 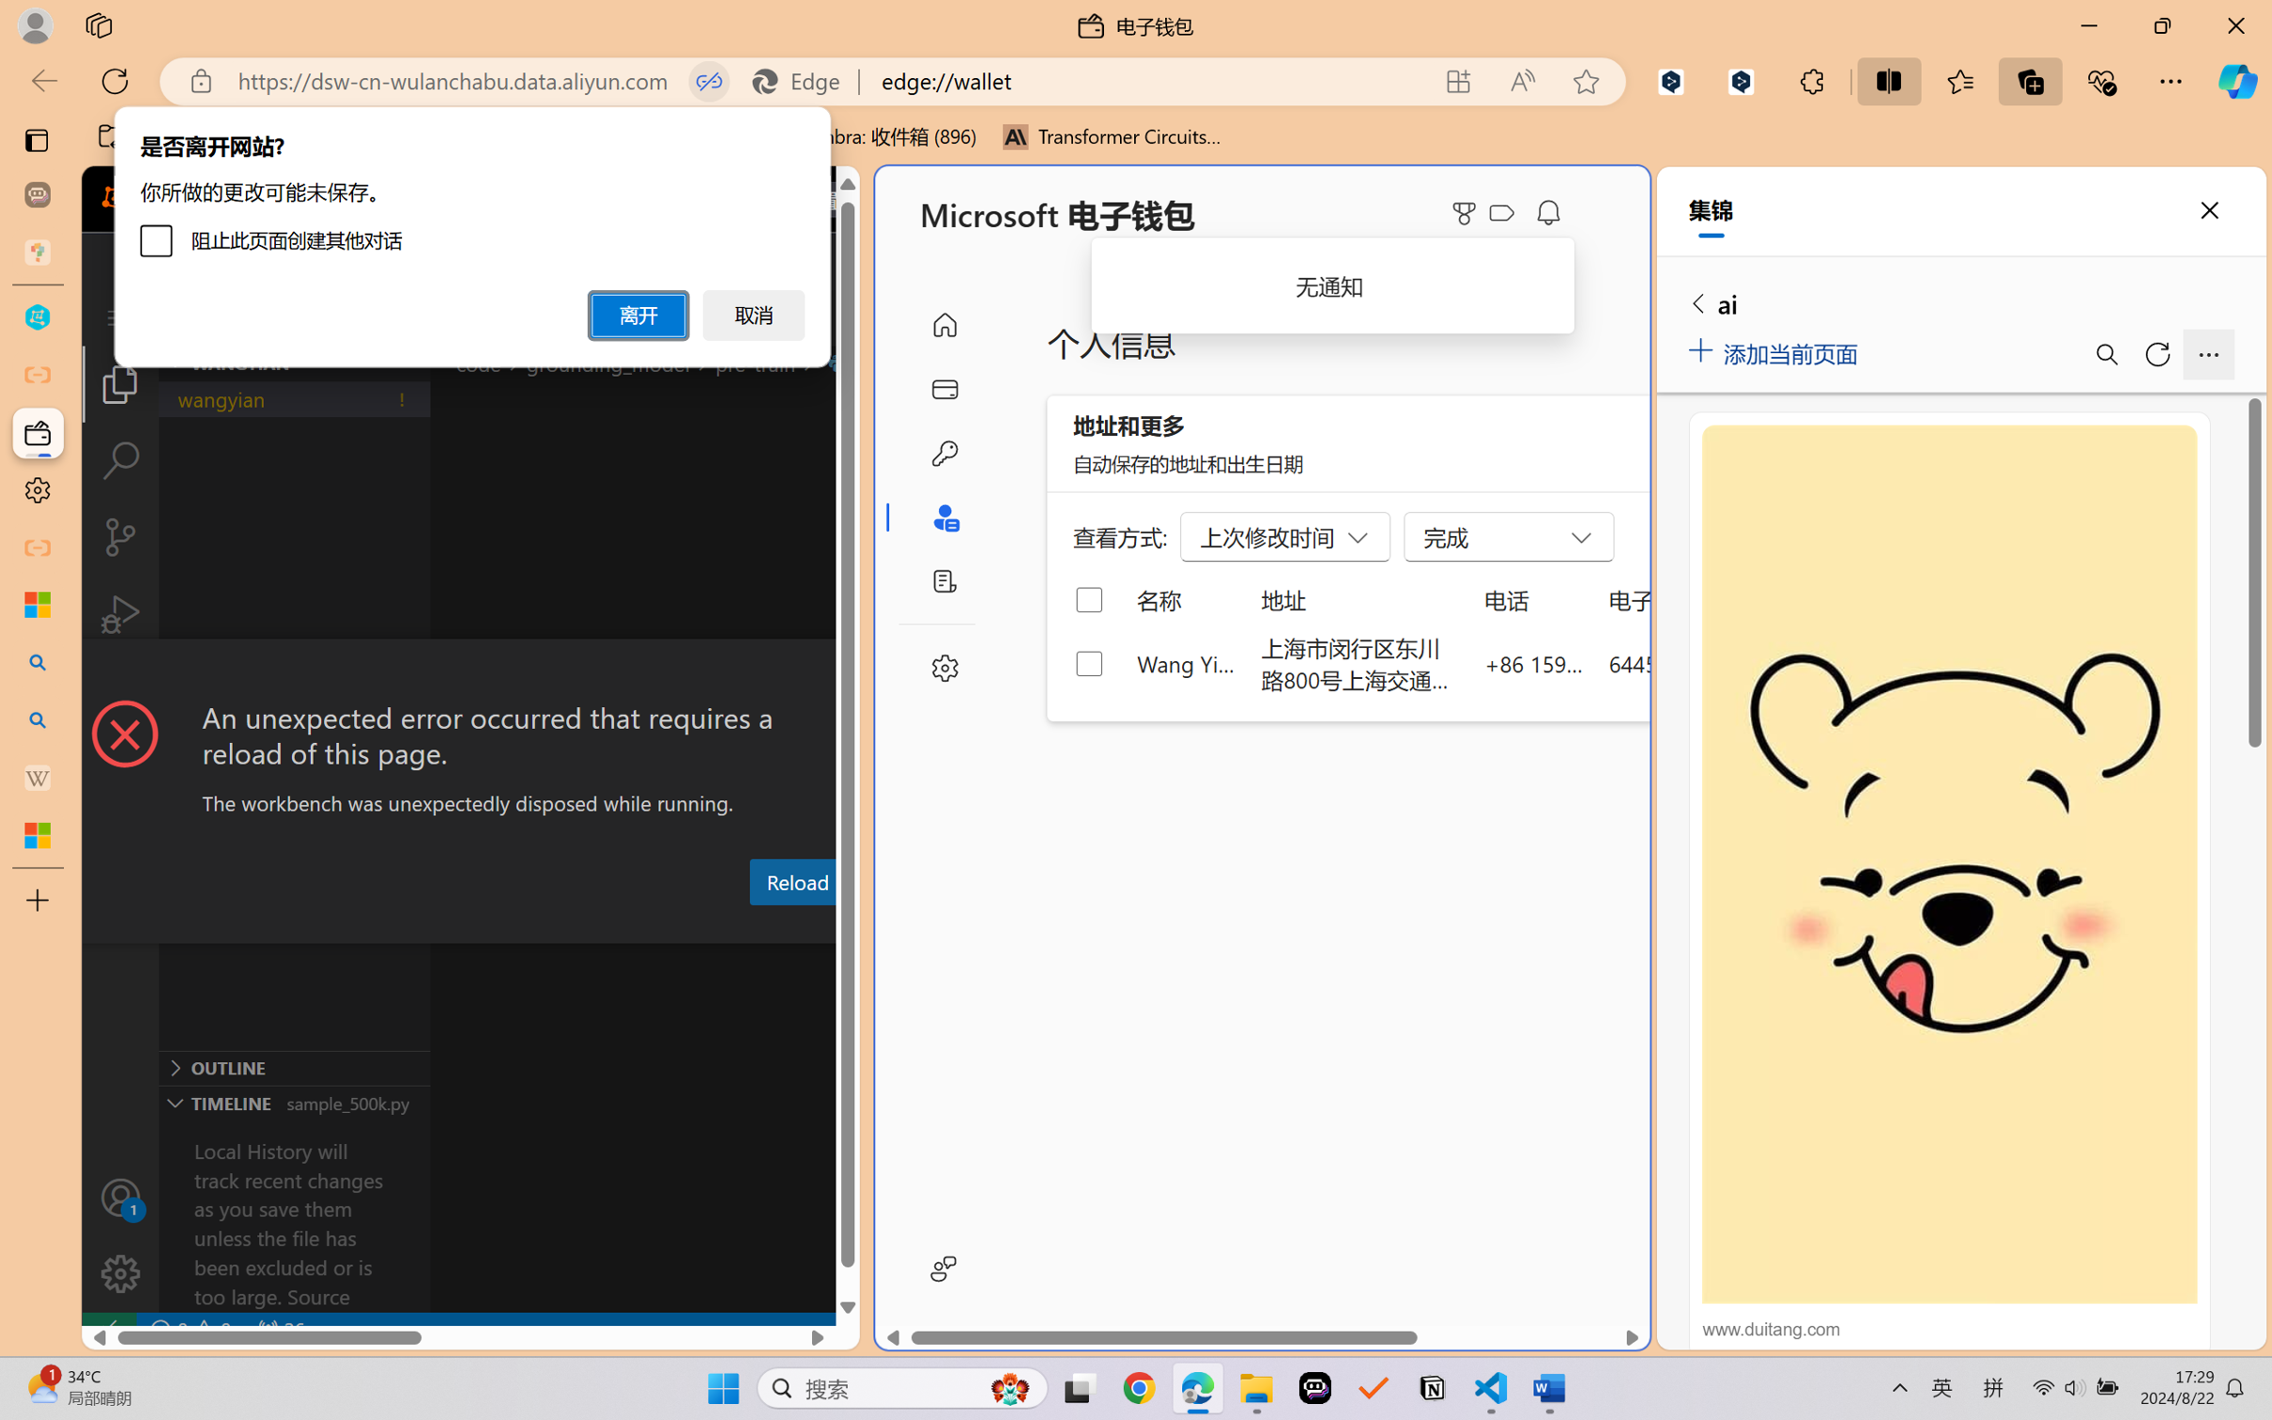 I want to click on 'Timeline Section', so click(x=294, y=1103).